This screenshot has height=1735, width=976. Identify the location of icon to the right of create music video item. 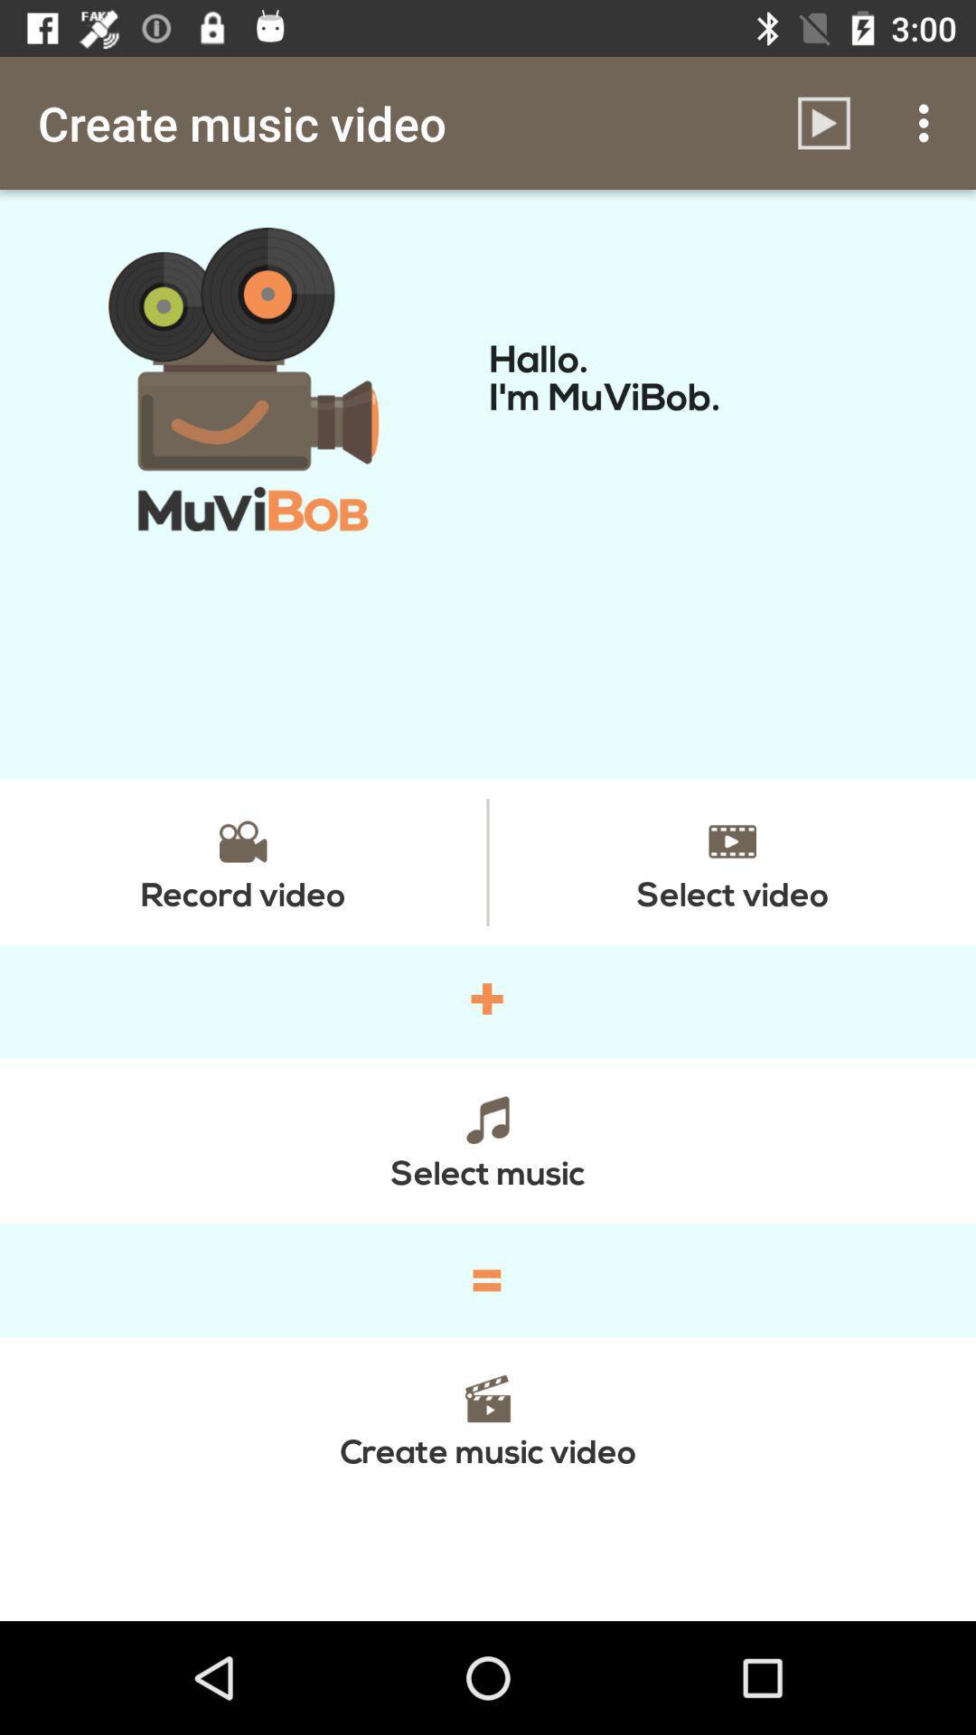
(823, 122).